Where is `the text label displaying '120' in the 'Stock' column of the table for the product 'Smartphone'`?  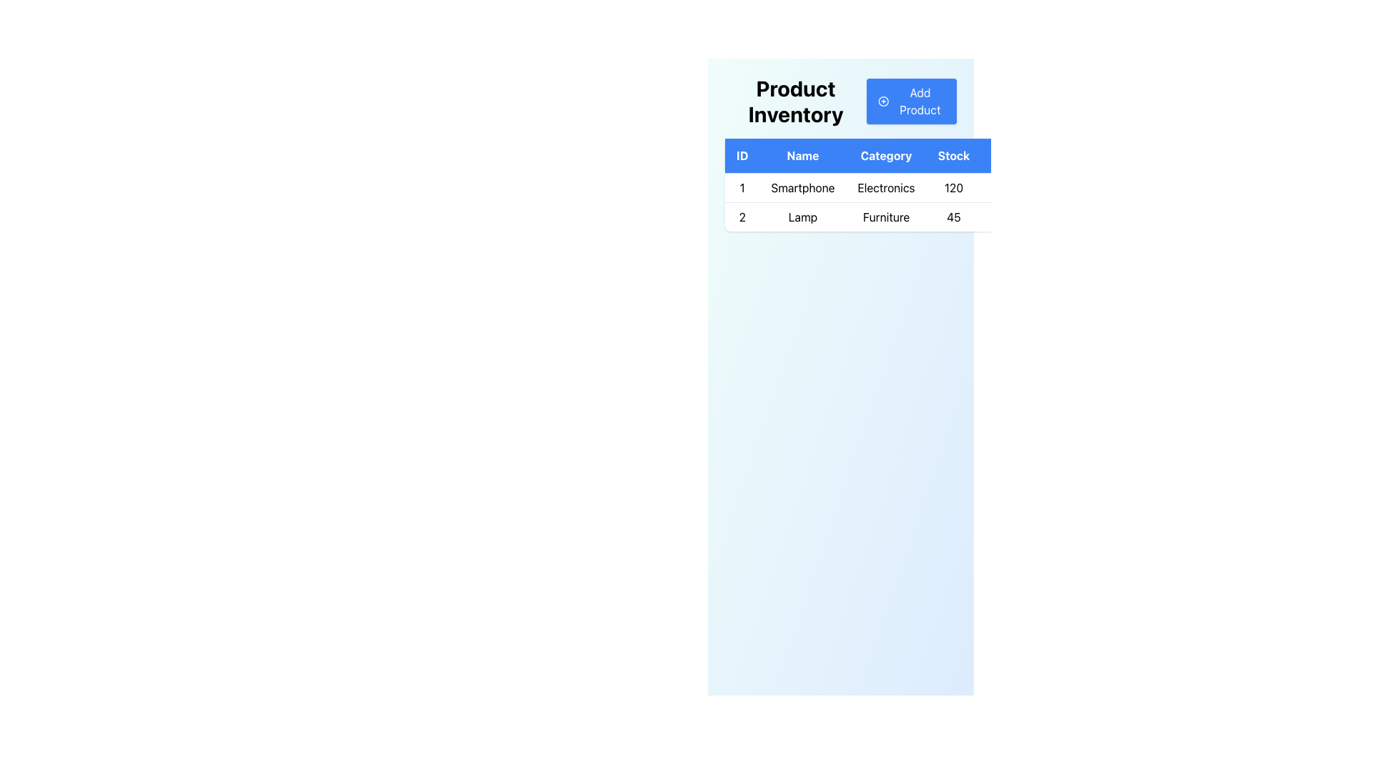
the text label displaying '120' in the 'Stock' column of the table for the product 'Smartphone' is located at coordinates (954, 187).